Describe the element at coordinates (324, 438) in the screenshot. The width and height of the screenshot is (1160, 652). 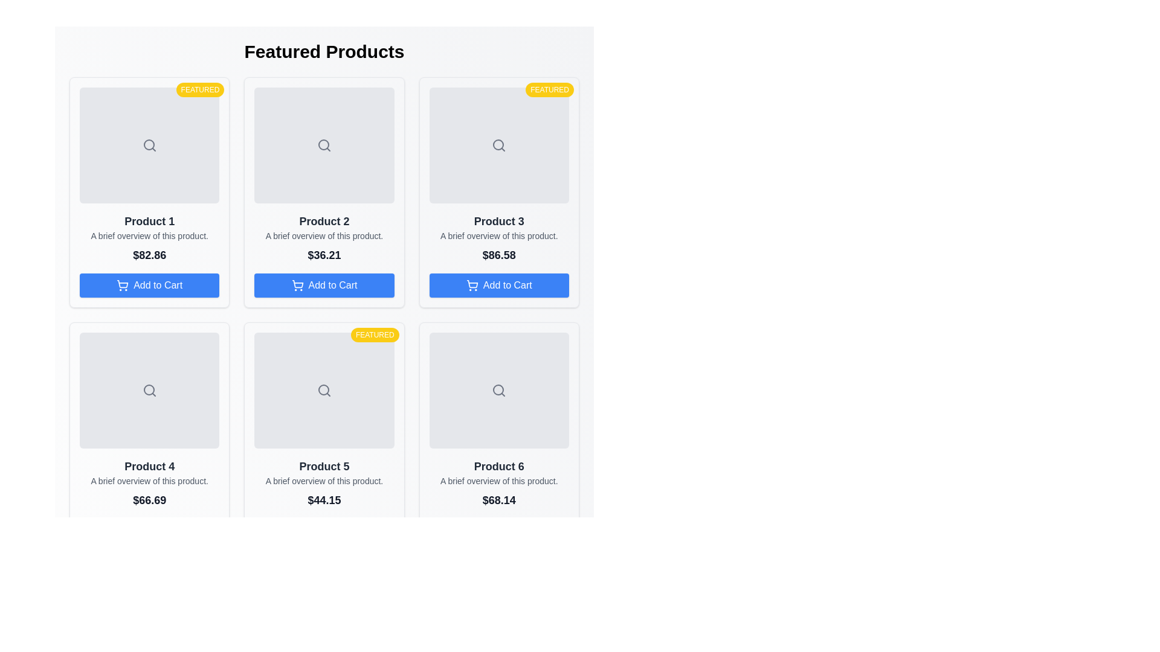
I see `the product image of 'Product 5' in the second row and second column of the grid layout` at that location.